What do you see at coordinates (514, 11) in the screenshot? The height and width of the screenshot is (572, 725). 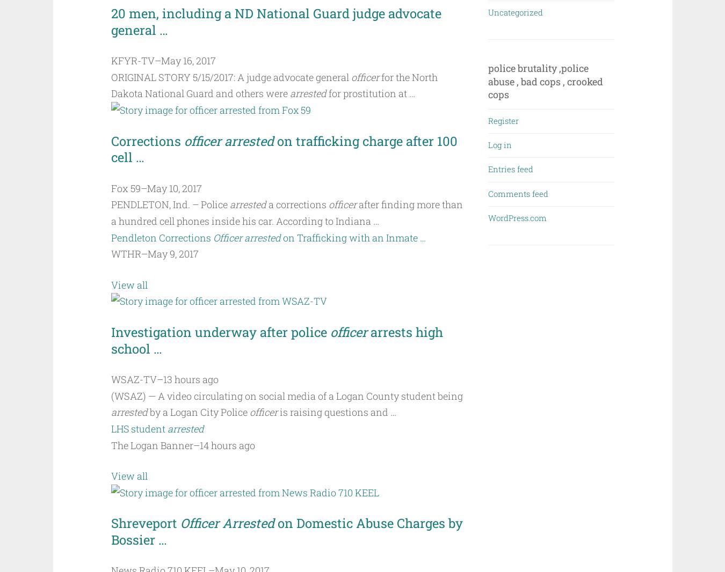 I see `'Uncategorized'` at bounding box center [514, 11].